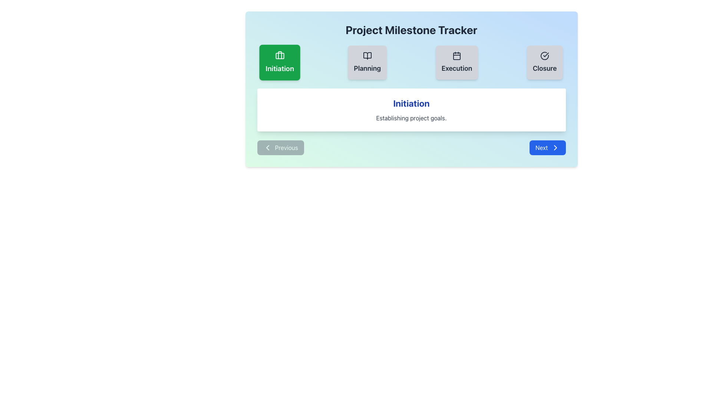 The width and height of the screenshot is (712, 400). Describe the element at coordinates (279, 55) in the screenshot. I see `the left vertical line of the handle structure of the briefcase icon representing the 'Initiation' task, located in the green square next to the text 'Initiation' in the milestone navigation bar` at that location.